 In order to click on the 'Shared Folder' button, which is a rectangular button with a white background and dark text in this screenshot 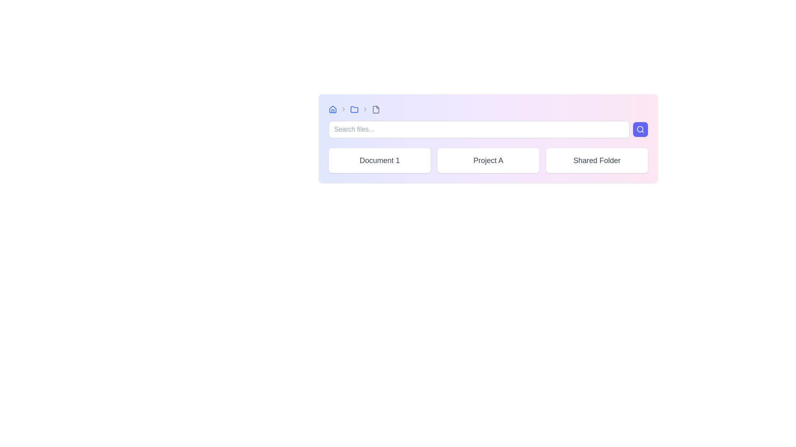, I will do `click(597, 161)`.